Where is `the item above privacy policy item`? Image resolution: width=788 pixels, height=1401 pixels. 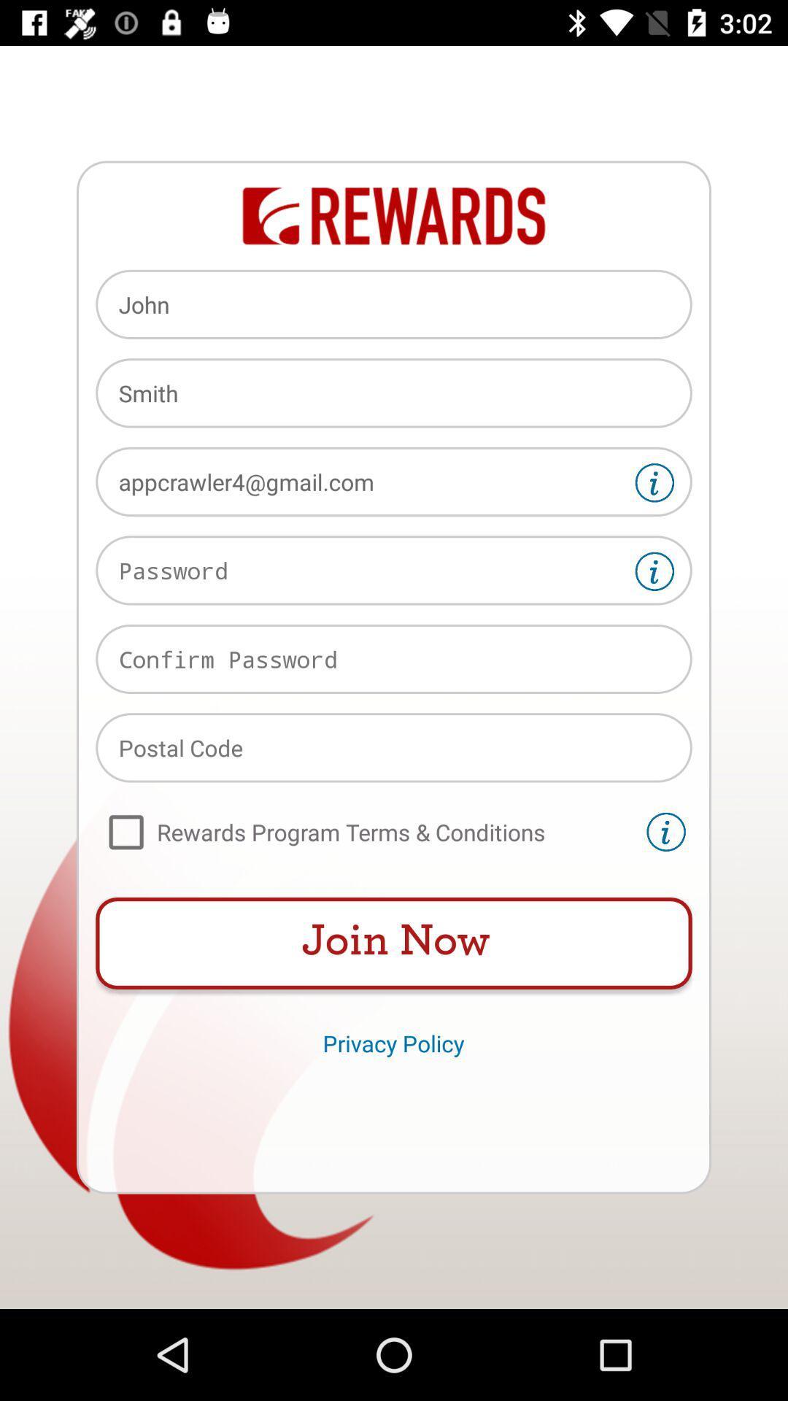 the item above privacy policy item is located at coordinates (394, 943).